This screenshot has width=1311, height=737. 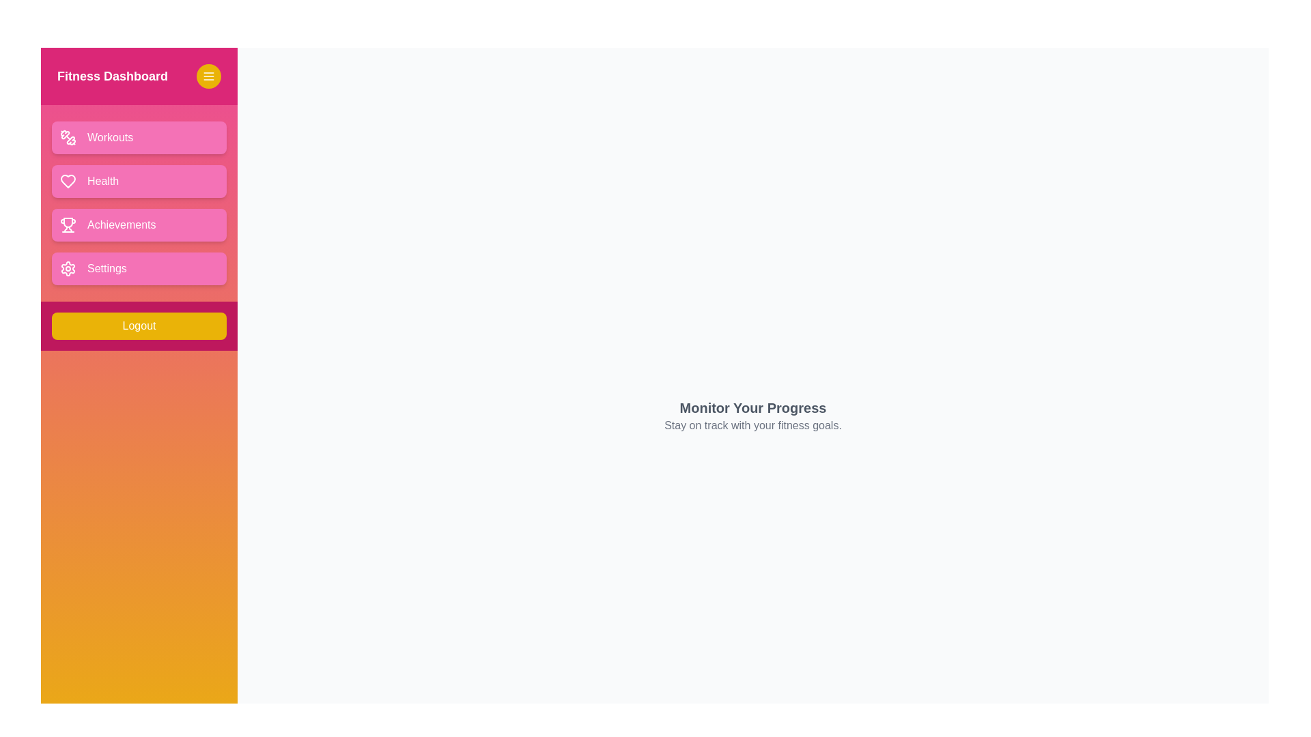 What do you see at coordinates (139, 181) in the screenshot?
I see `the 'Health' button in the FitnessDashboardDrawer component` at bounding box center [139, 181].